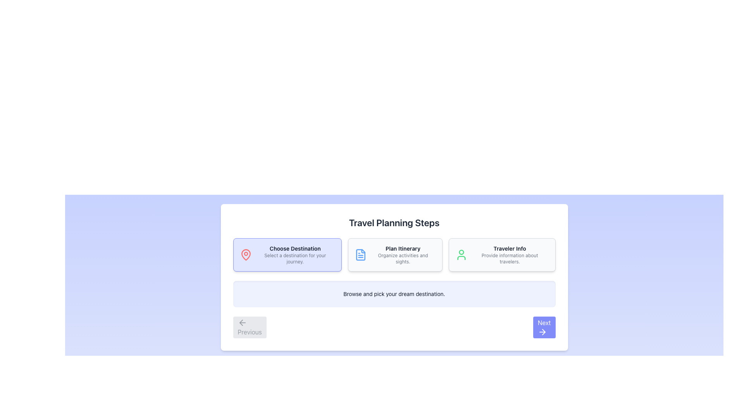 This screenshot has width=744, height=419. What do you see at coordinates (242, 323) in the screenshot?
I see `the left-pointing arrow icon inside the 'Previous' button, which has a light gray background and a rounded rectangular shape` at bounding box center [242, 323].